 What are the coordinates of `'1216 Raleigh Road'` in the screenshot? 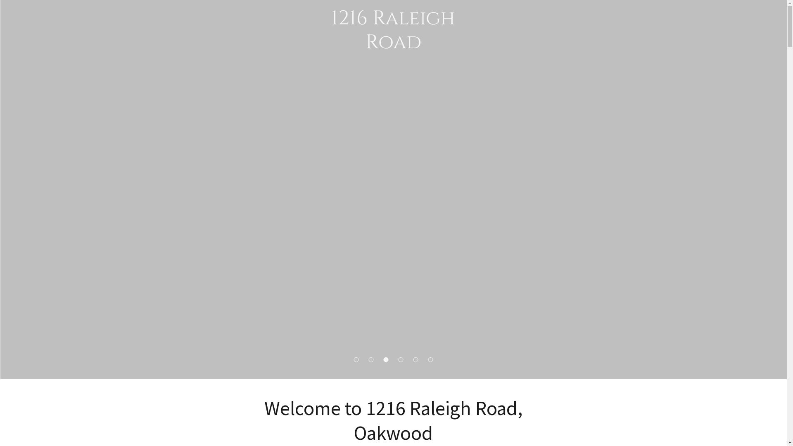 It's located at (393, 45).